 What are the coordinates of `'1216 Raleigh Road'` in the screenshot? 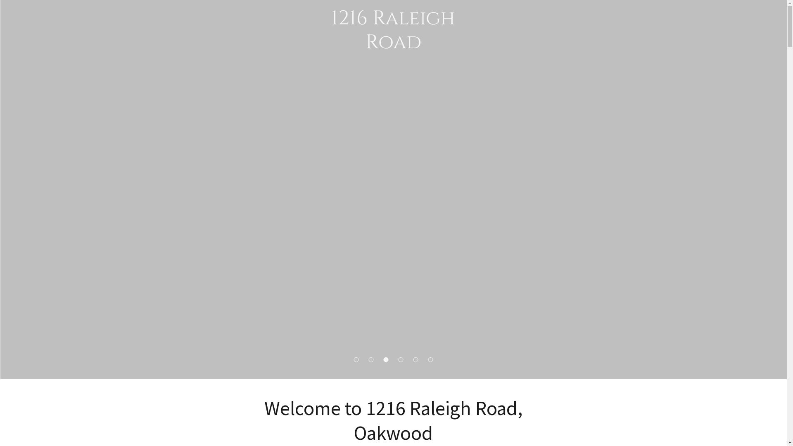 It's located at (393, 45).